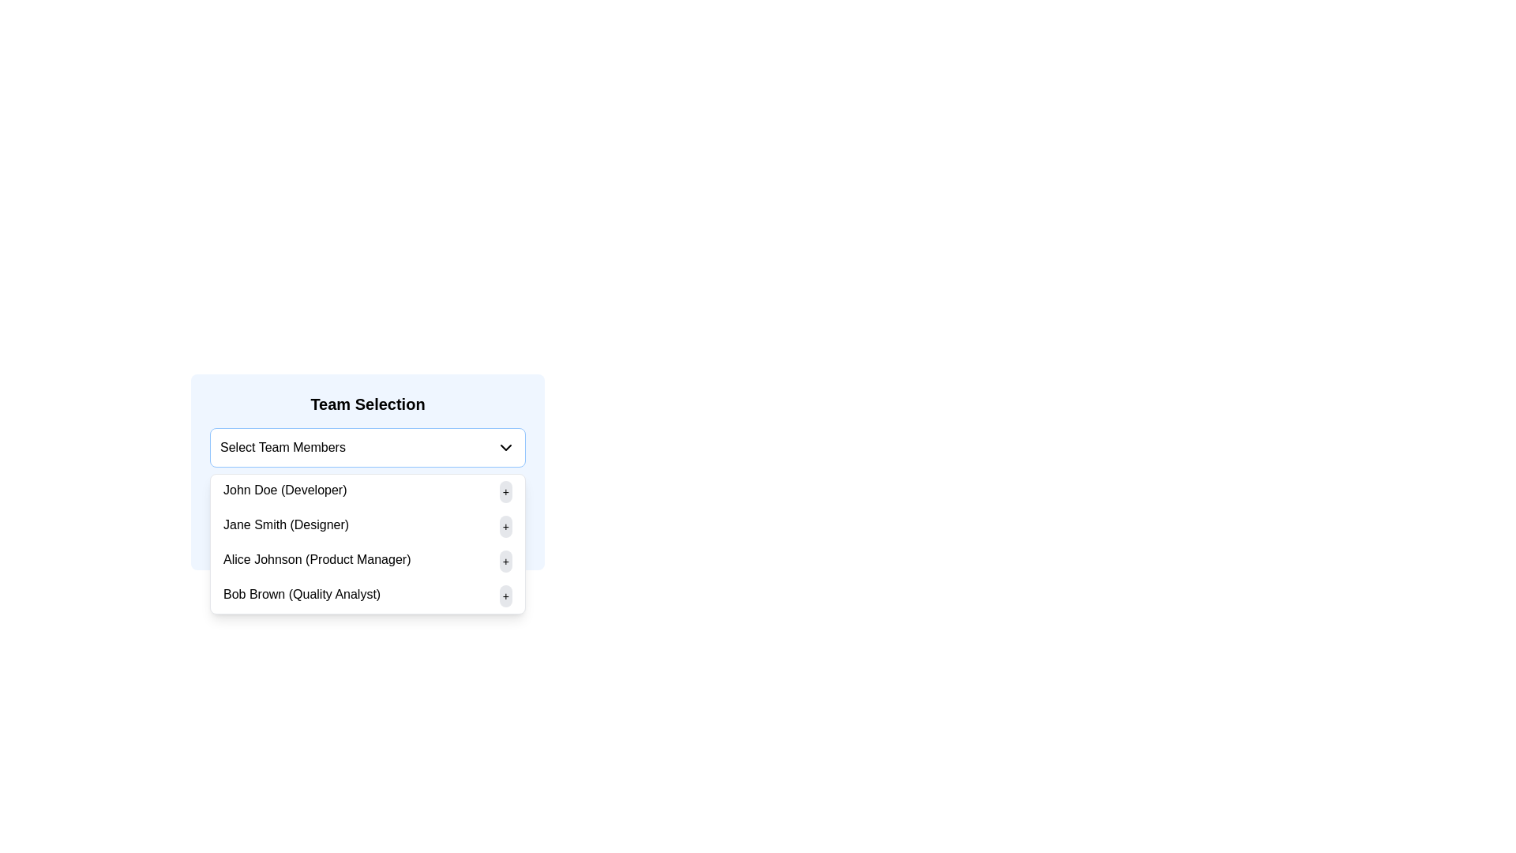 This screenshot has height=853, width=1516. What do you see at coordinates (366, 596) in the screenshot?
I see `the '+' button` at bounding box center [366, 596].